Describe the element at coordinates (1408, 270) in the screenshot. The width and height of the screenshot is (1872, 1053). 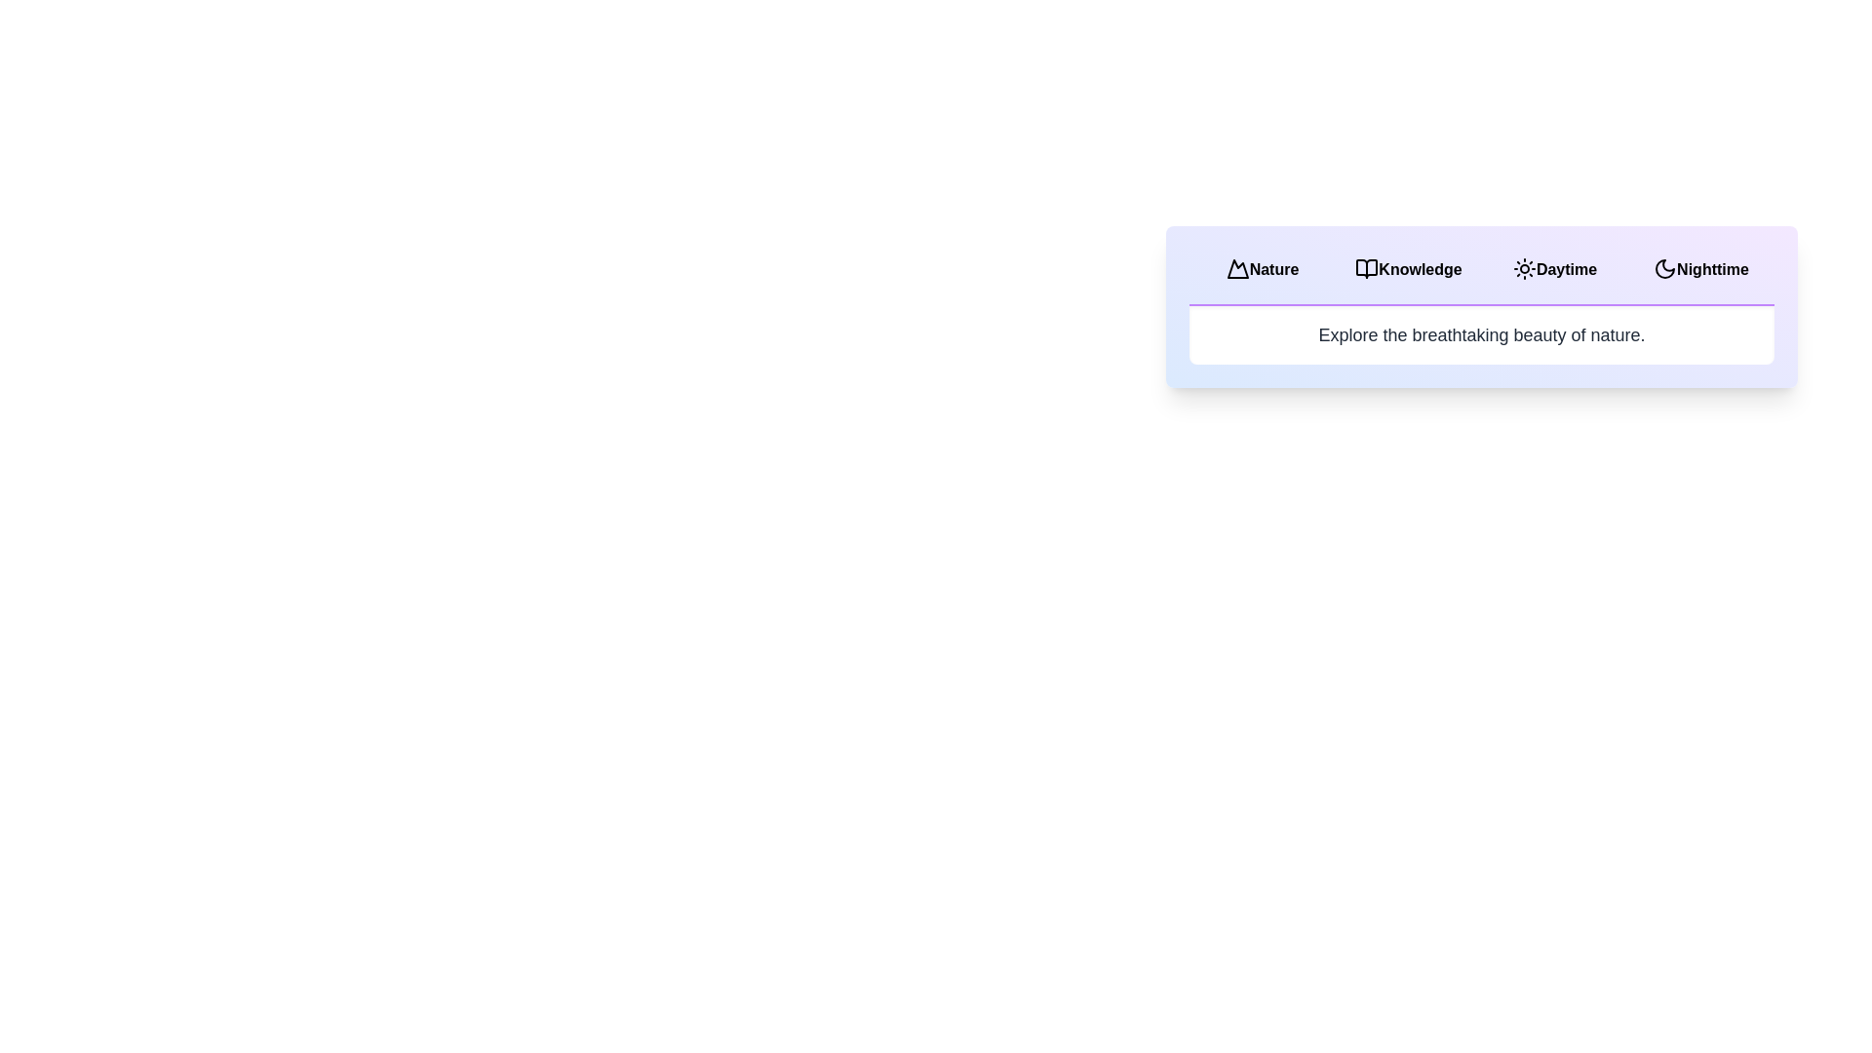
I see `the tab labeled Knowledge` at that location.